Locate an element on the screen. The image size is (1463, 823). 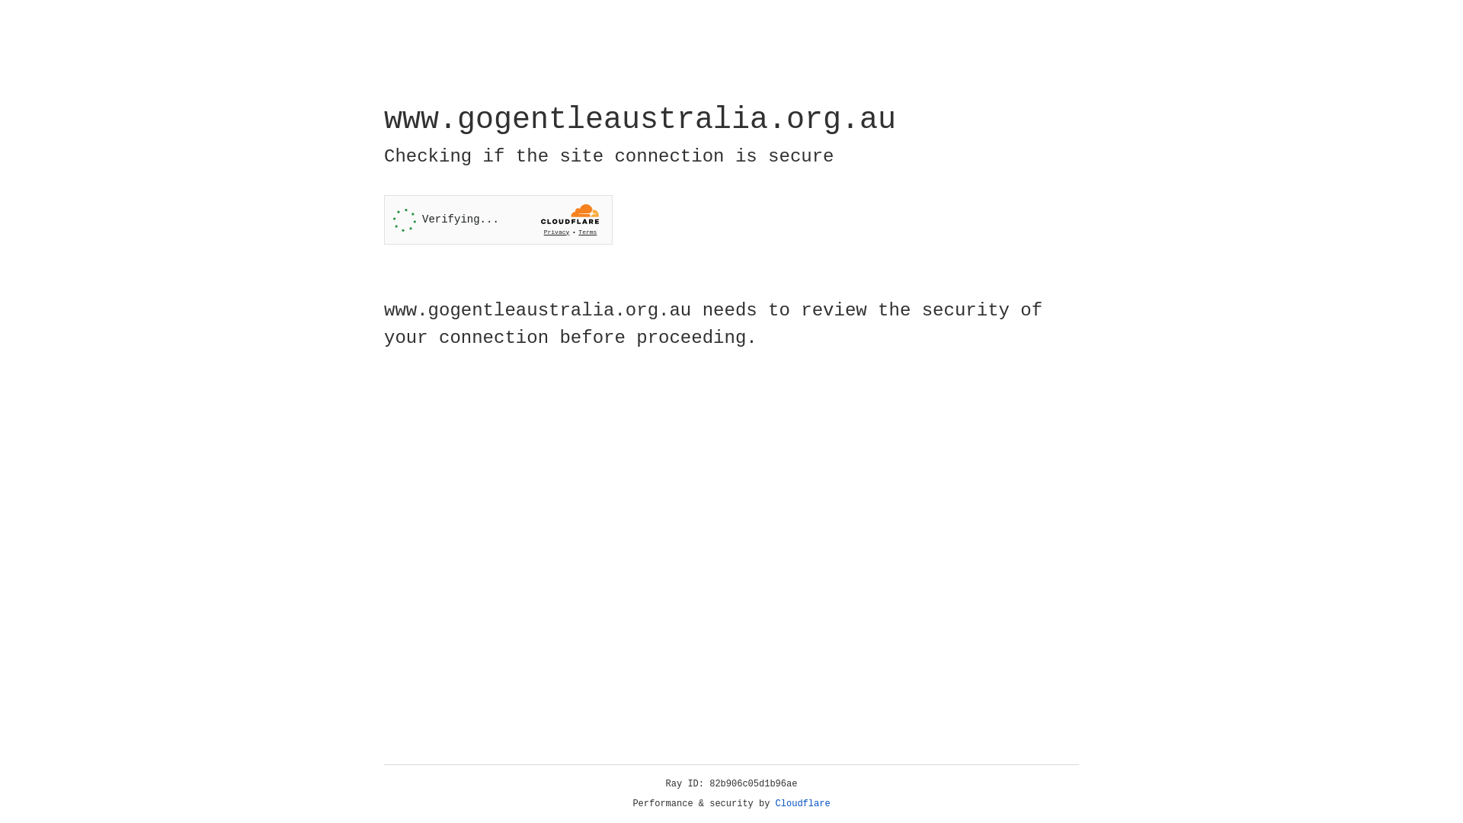
'Widget containing a Cloudflare security challenge' is located at coordinates (498, 219).